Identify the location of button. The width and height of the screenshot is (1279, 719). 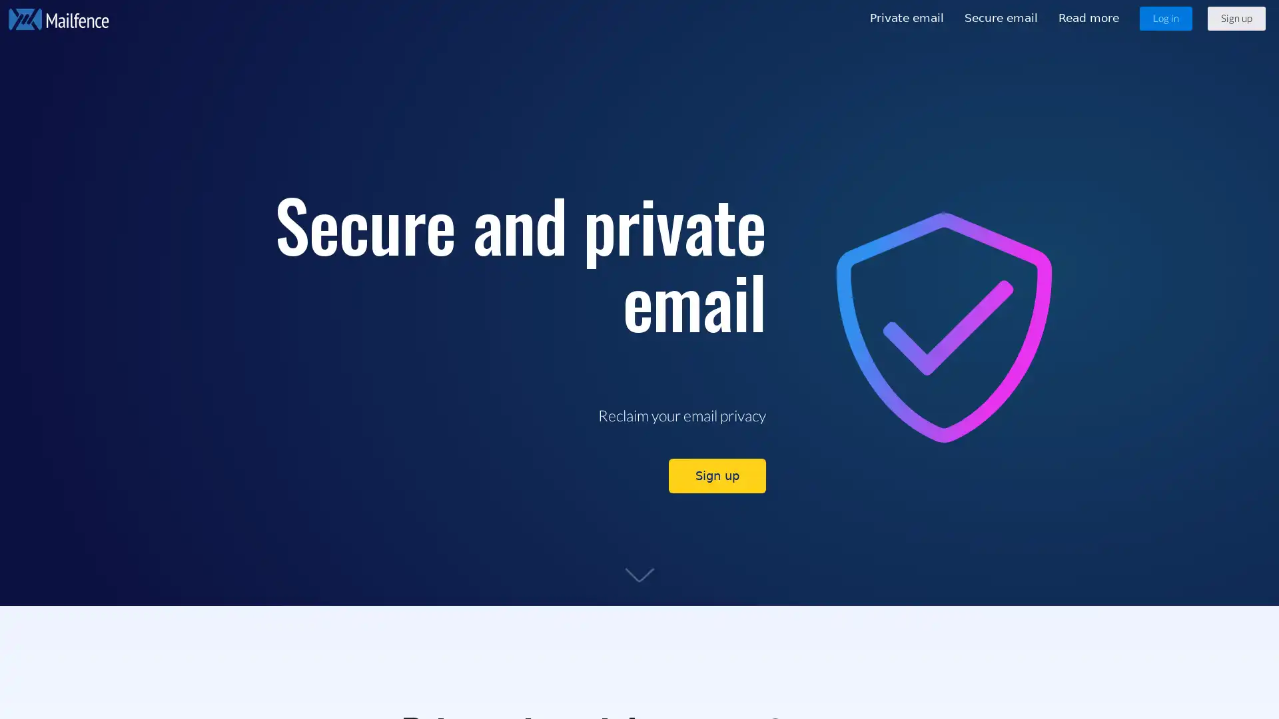
(1236, 18).